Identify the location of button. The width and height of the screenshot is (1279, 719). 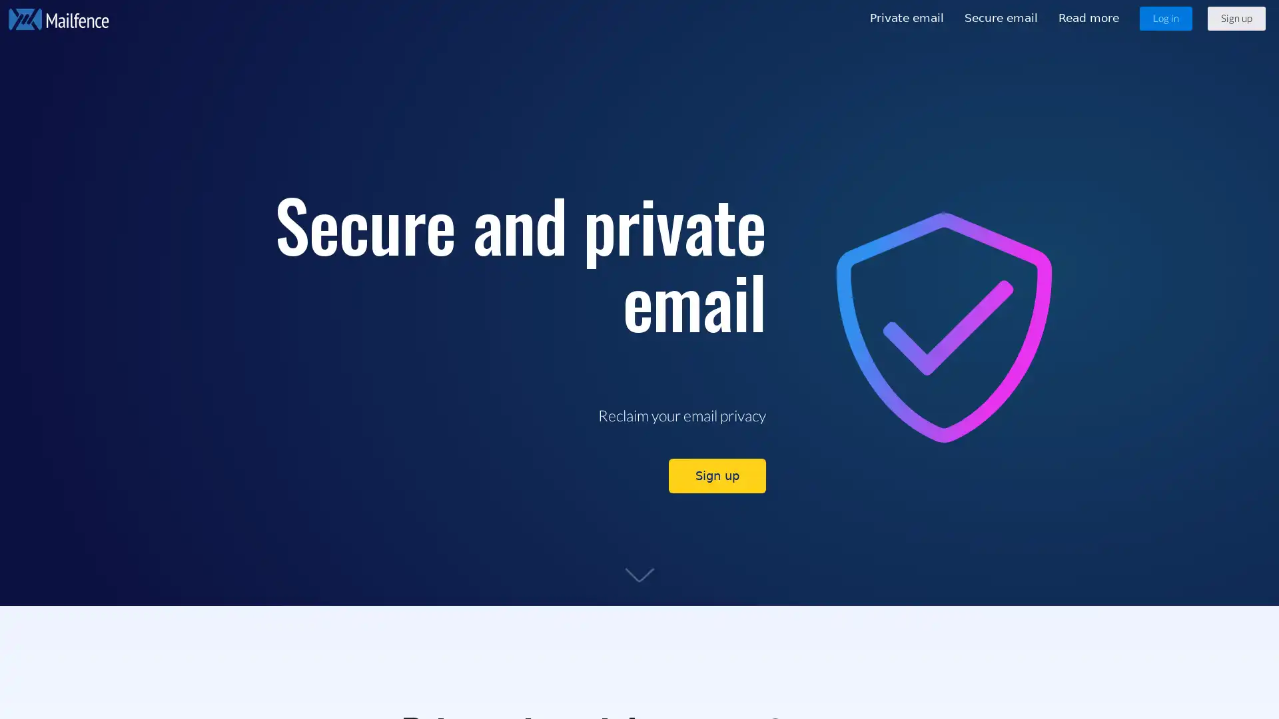
(1236, 18).